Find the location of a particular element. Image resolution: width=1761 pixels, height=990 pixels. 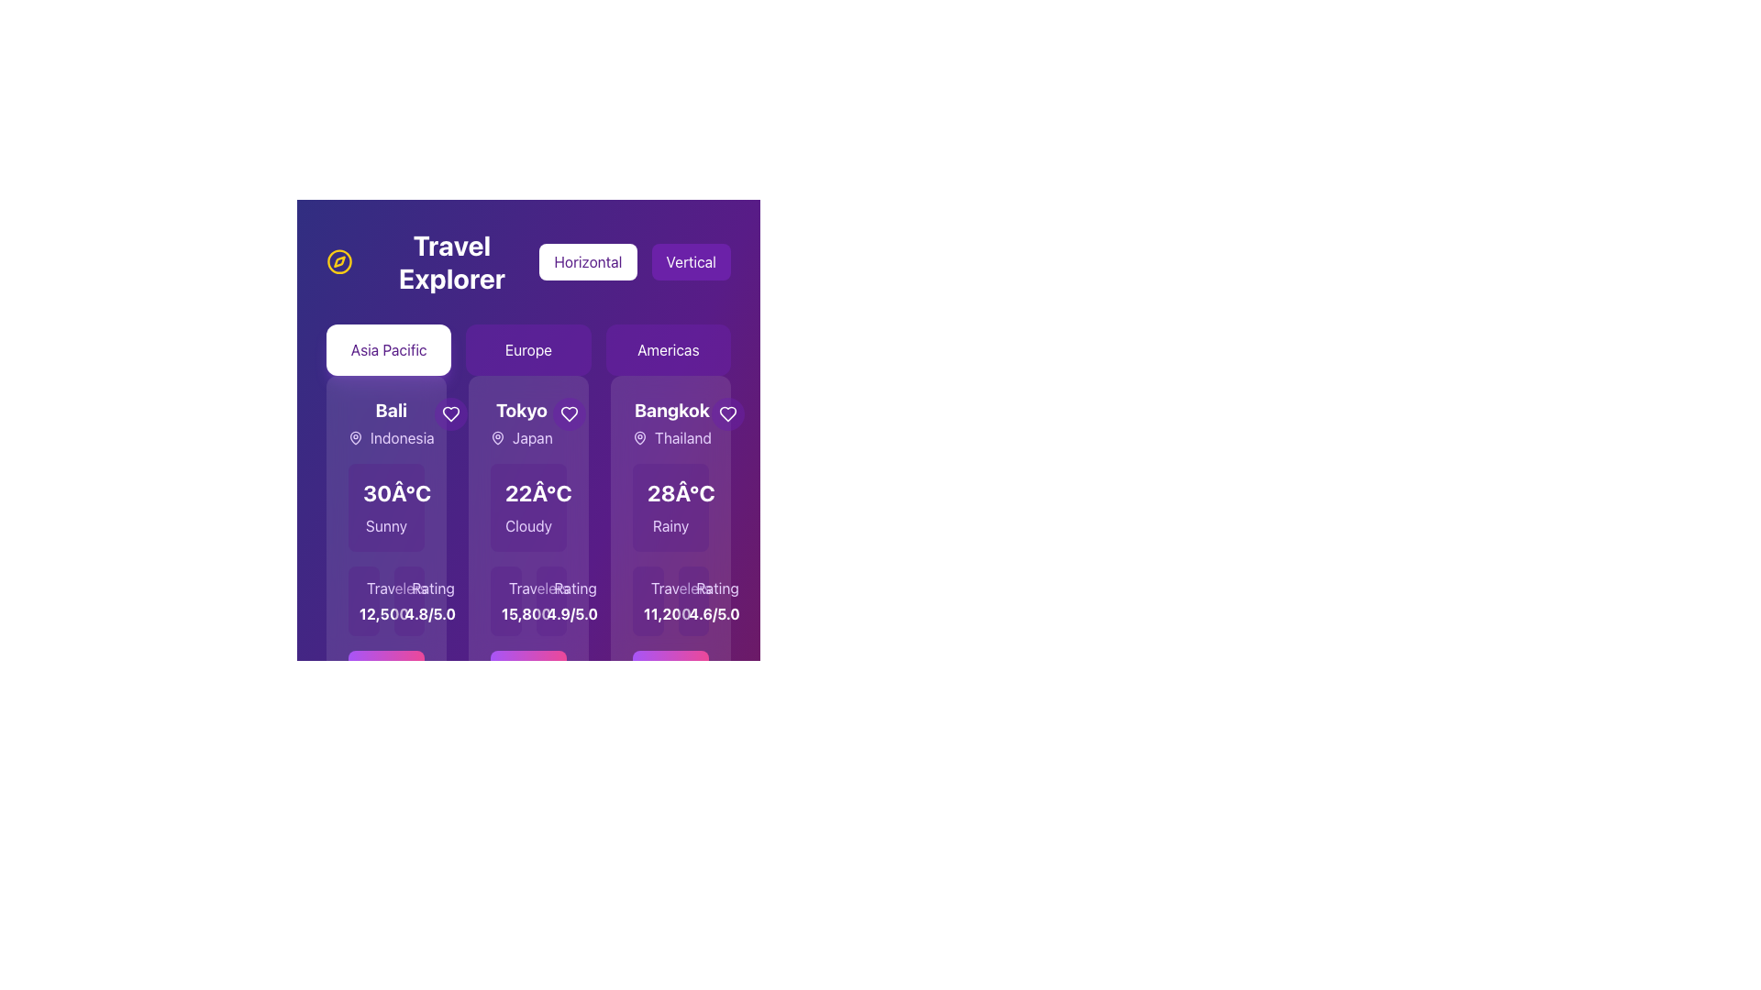

the Label and graphical icon combination located in the 'Travelers' section of the 'Bangkok' column, positioned above the numerical value '11,200' is located at coordinates (648, 588).